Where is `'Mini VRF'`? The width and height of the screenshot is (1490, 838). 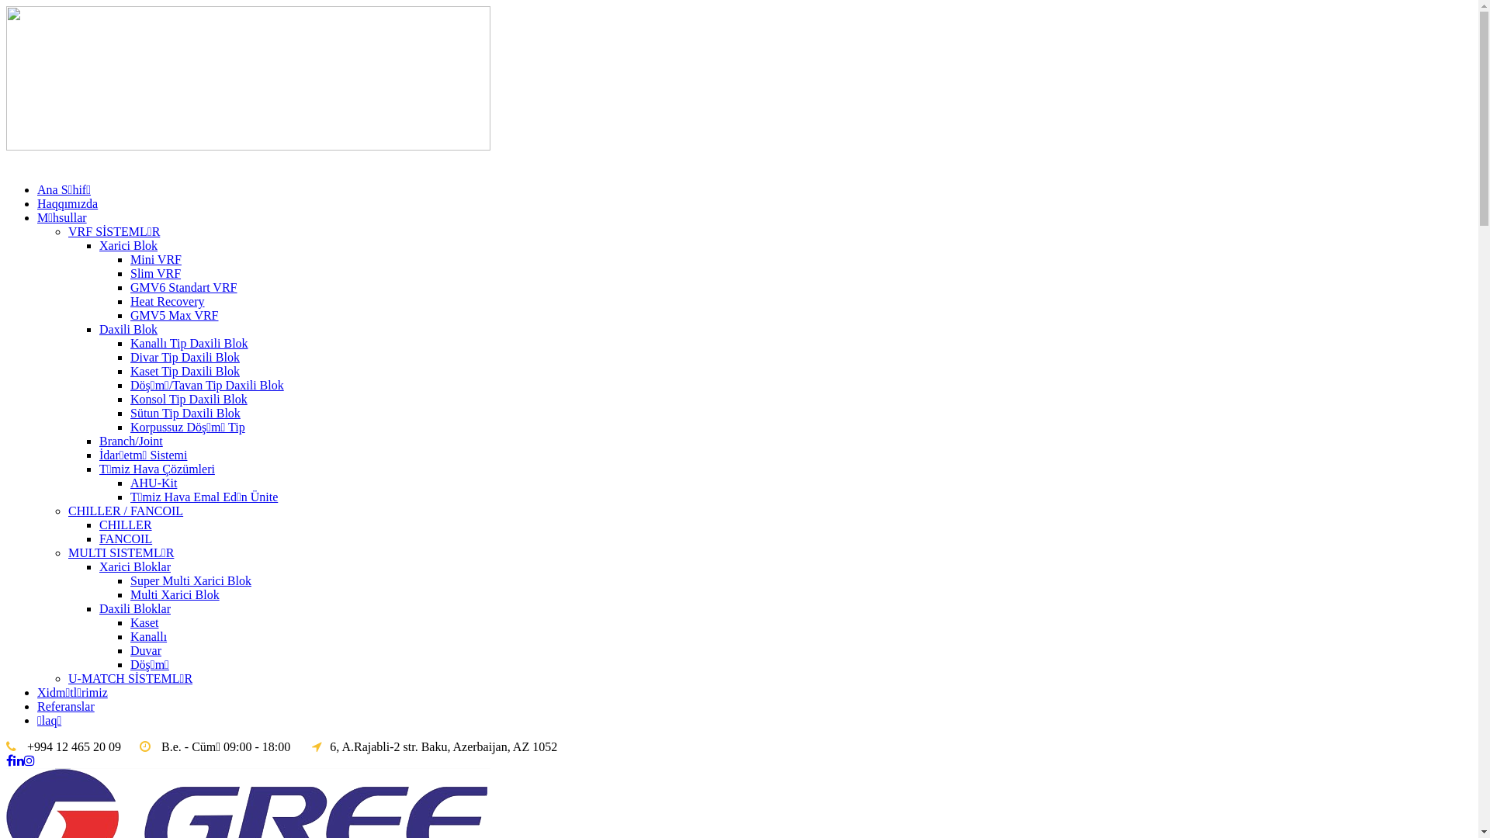
'Mini VRF' is located at coordinates (156, 258).